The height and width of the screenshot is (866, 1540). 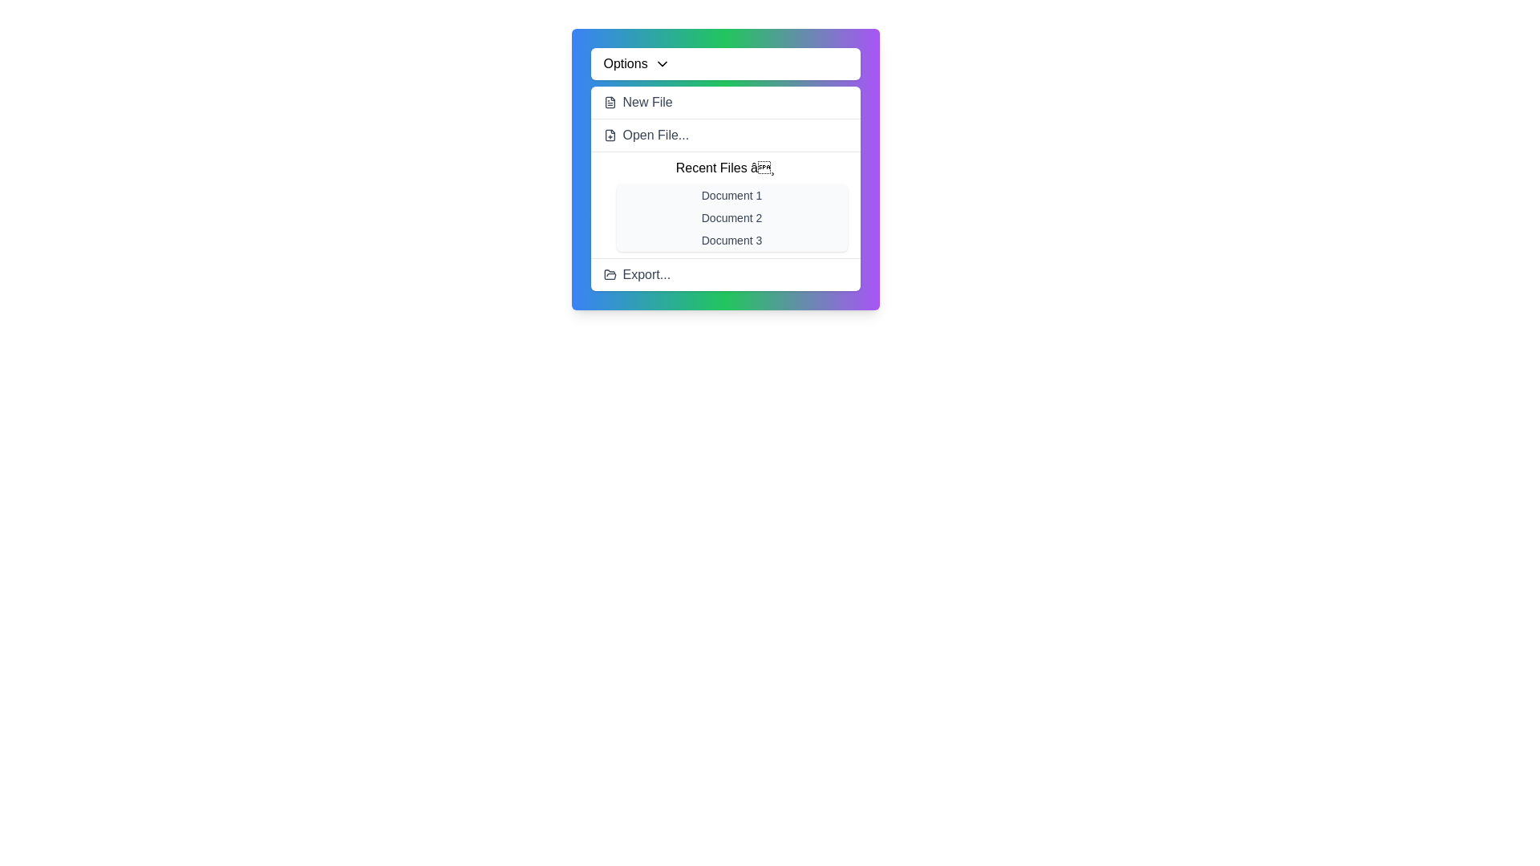 I want to click on the last button-like item in the dropdown menu to initiate the export operation, so click(x=724, y=273).